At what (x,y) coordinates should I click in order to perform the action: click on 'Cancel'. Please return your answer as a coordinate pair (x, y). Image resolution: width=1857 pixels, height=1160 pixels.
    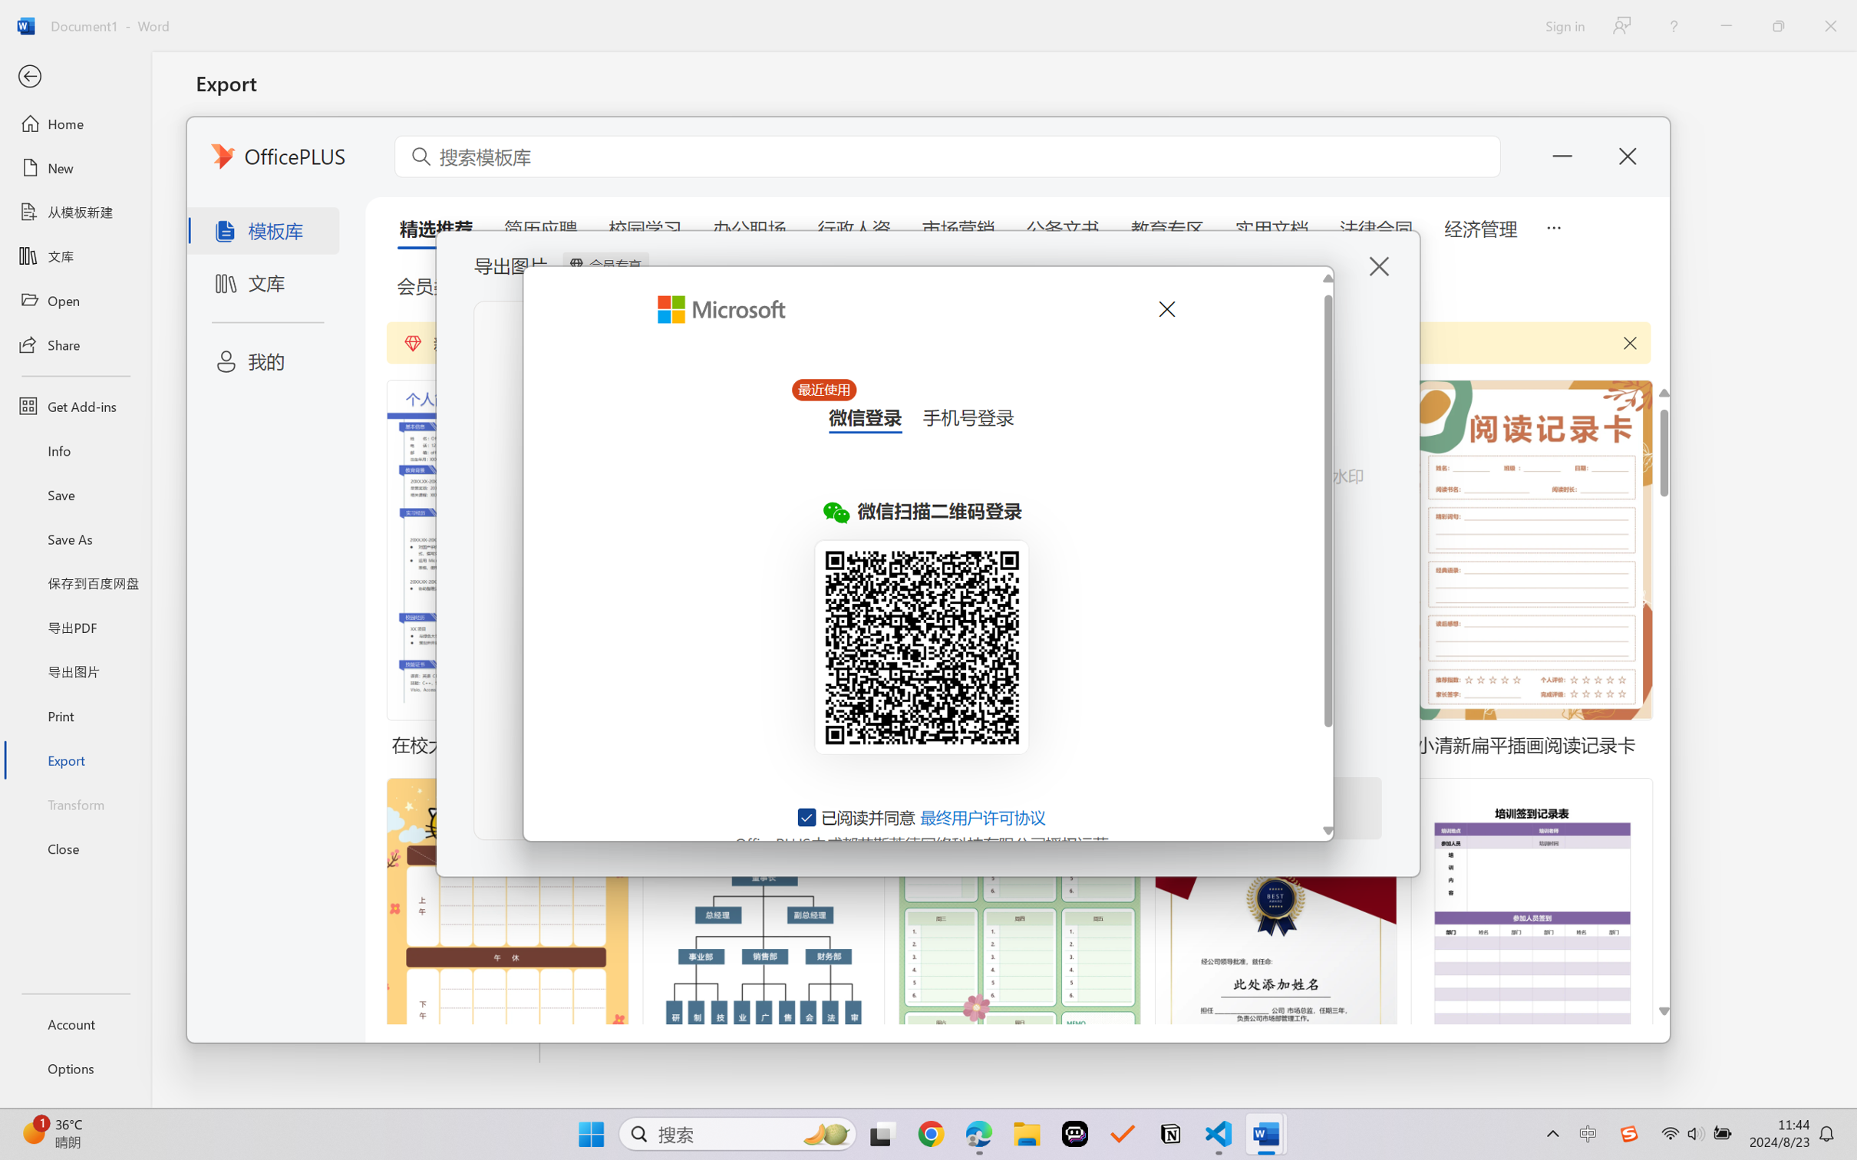
    Looking at the image, I should click on (1165, 308).